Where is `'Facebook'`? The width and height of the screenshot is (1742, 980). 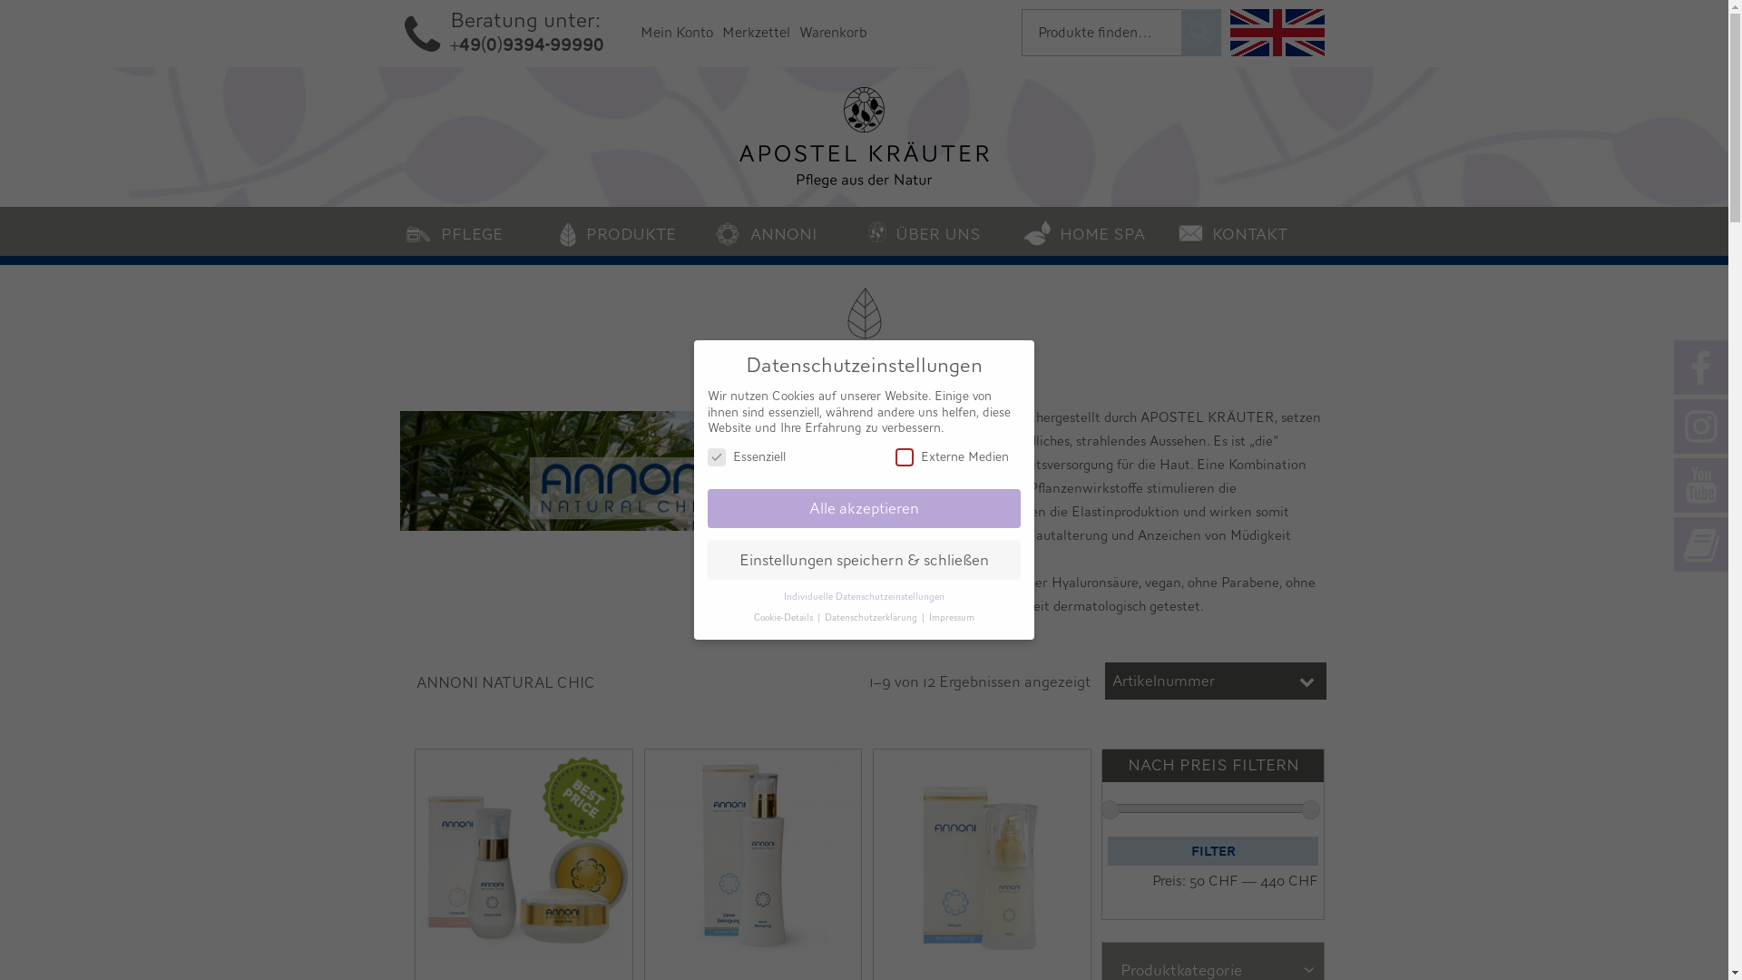
'Facebook' is located at coordinates (1700, 367).